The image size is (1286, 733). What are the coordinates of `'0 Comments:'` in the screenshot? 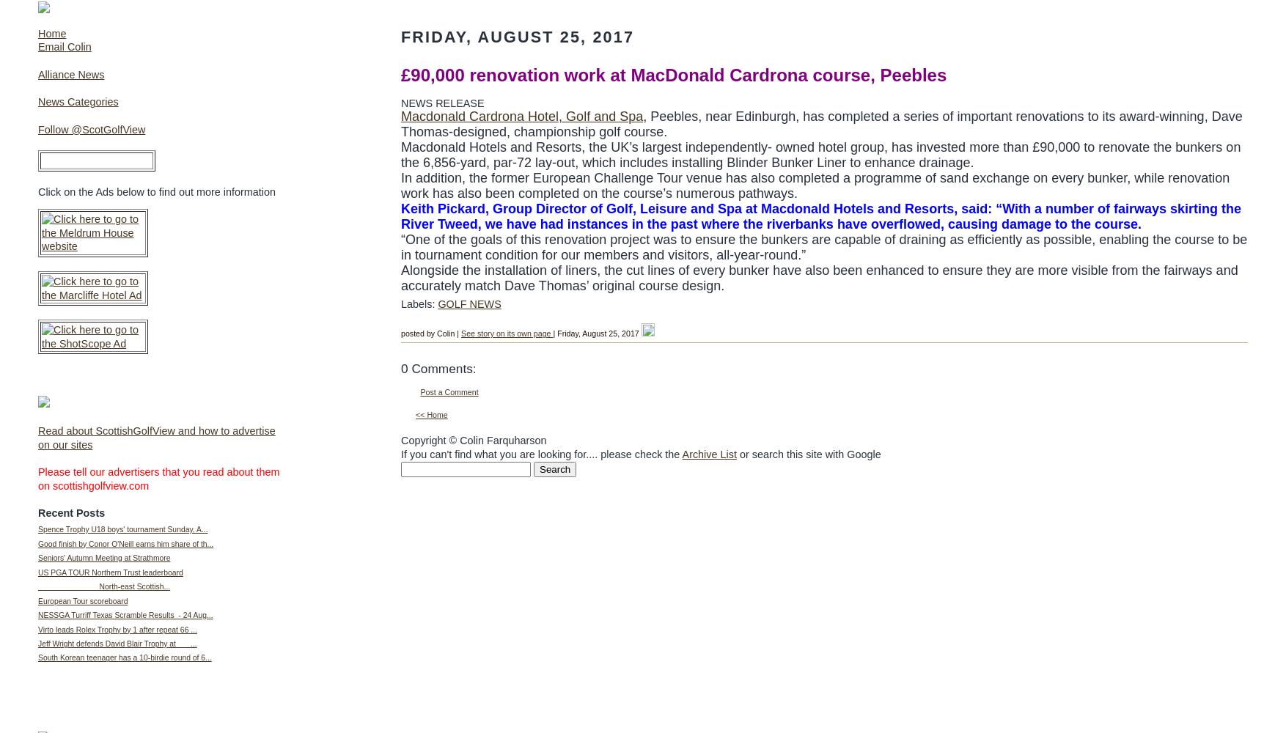 It's located at (438, 368).